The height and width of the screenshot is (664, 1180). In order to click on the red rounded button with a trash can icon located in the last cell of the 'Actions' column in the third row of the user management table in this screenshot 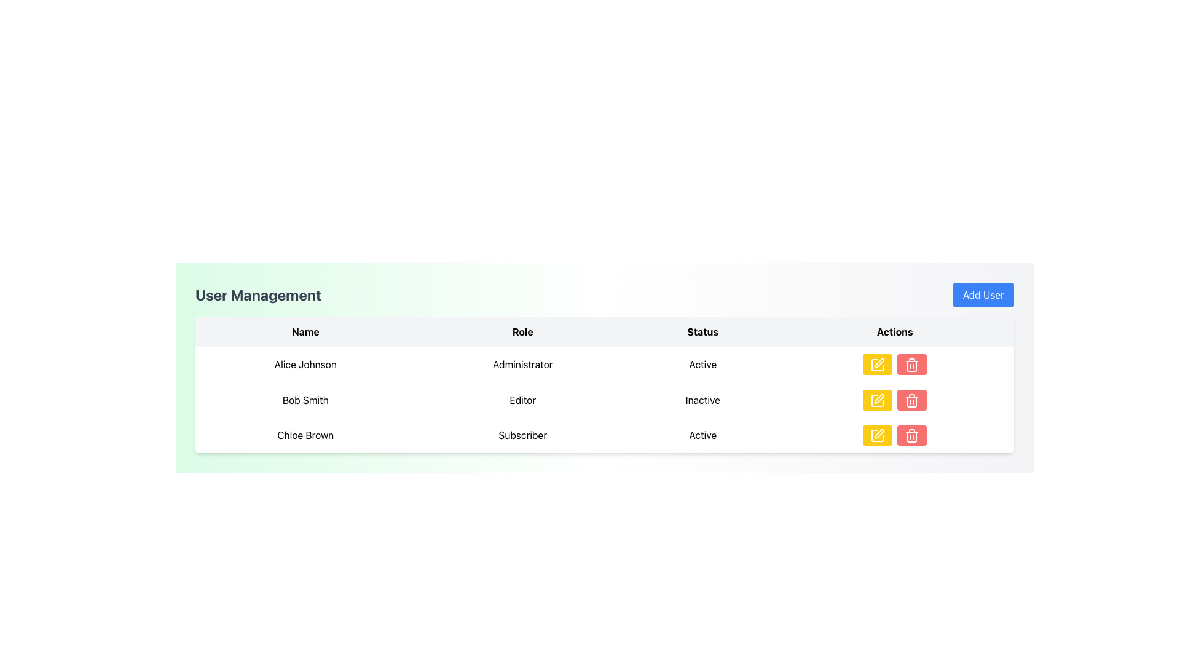, I will do `click(912, 435)`.